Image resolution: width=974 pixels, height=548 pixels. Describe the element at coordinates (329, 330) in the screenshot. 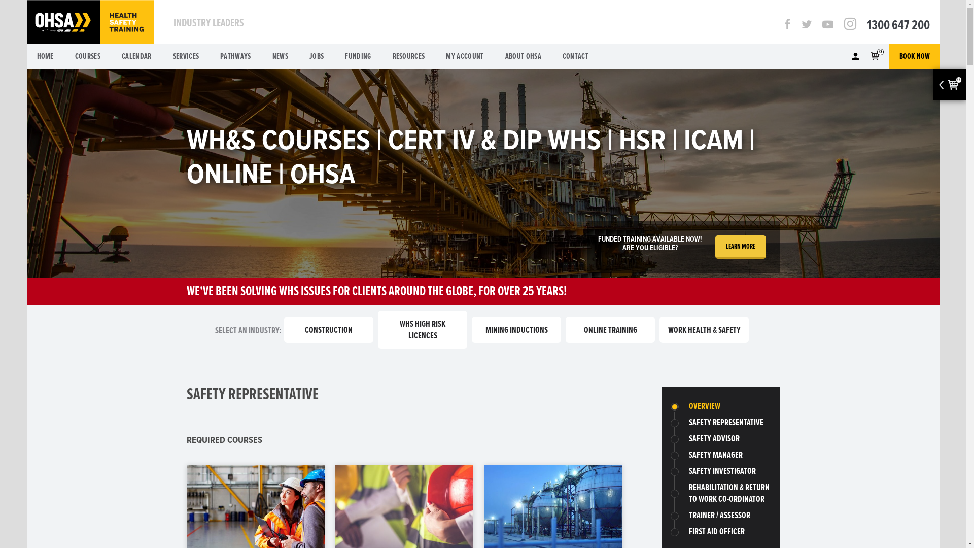

I see `'CONSTRUCTION'` at that location.